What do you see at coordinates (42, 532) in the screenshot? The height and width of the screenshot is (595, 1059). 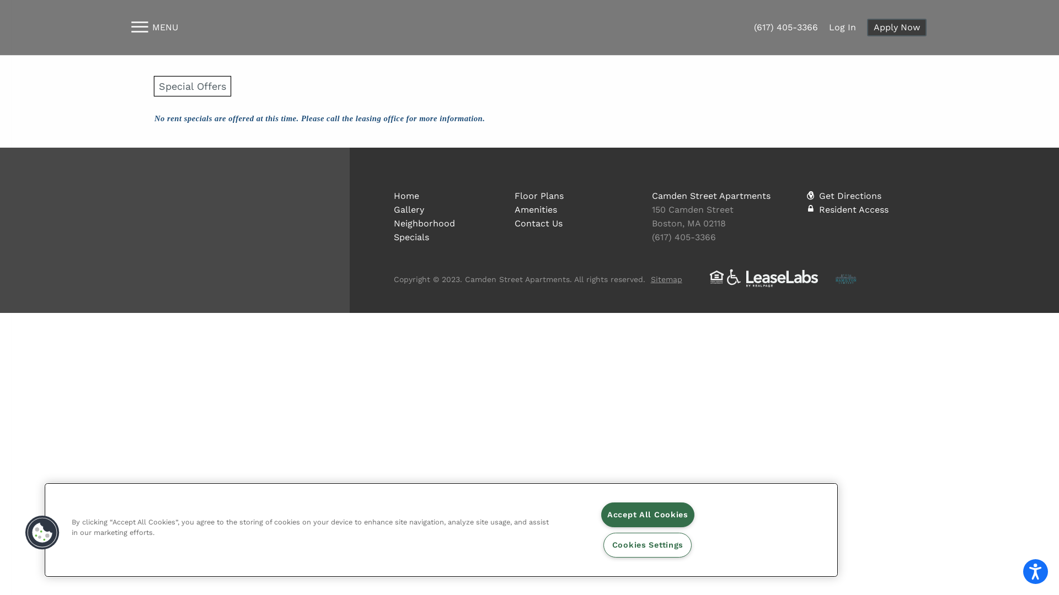 I see `'Cookies Button'` at bounding box center [42, 532].